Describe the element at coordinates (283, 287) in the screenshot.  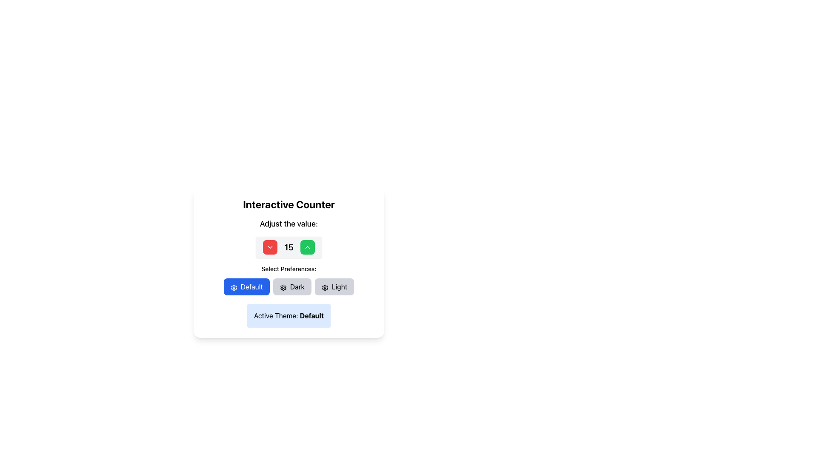
I see `the settings icon, which is a cogwheel shape, located to the left of the 'Dark' button below 'Select Preferences:'` at that location.